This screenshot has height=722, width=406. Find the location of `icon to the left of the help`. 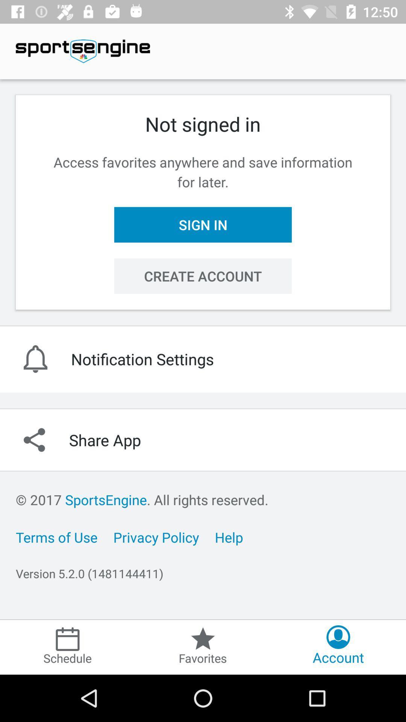

icon to the left of the help is located at coordinates (156, 537).